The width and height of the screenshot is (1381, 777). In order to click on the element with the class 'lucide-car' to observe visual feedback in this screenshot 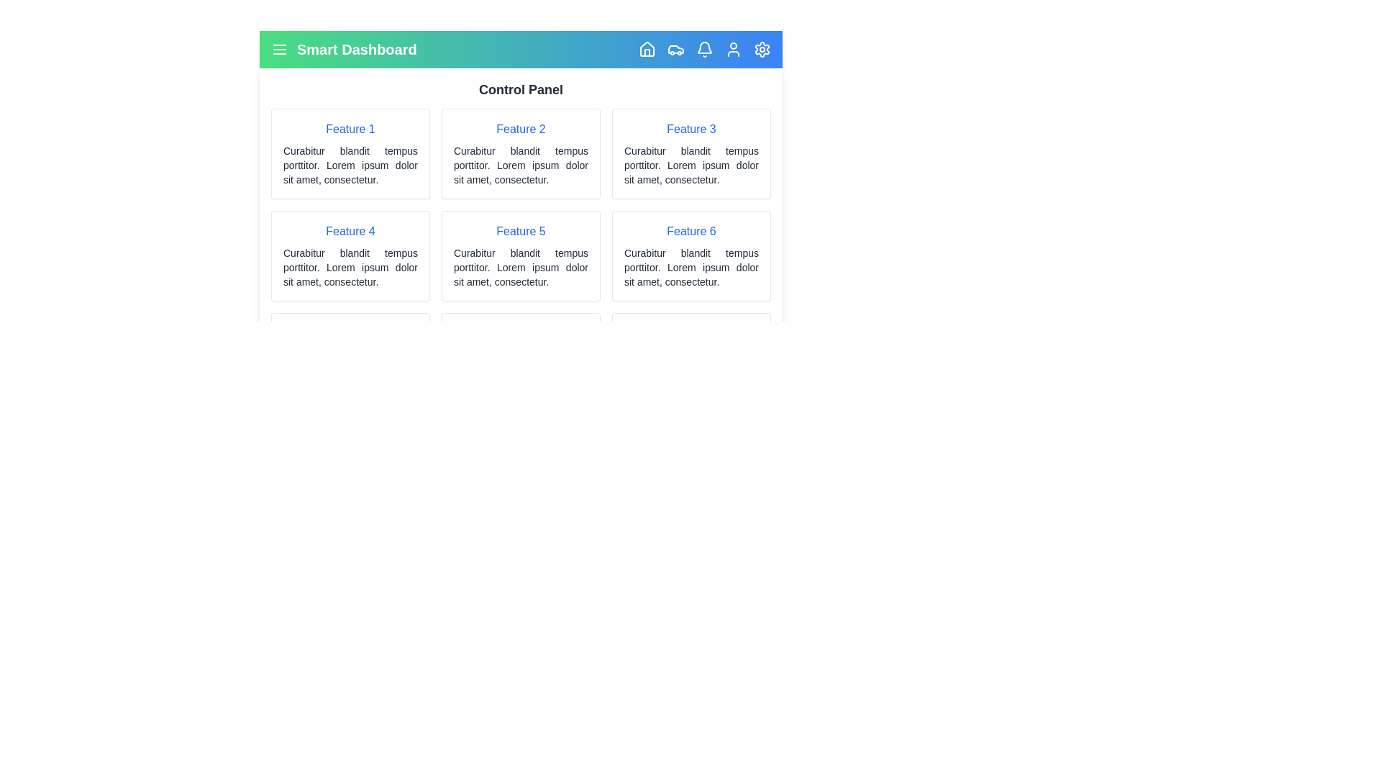, I will do `click(675, 49)`.